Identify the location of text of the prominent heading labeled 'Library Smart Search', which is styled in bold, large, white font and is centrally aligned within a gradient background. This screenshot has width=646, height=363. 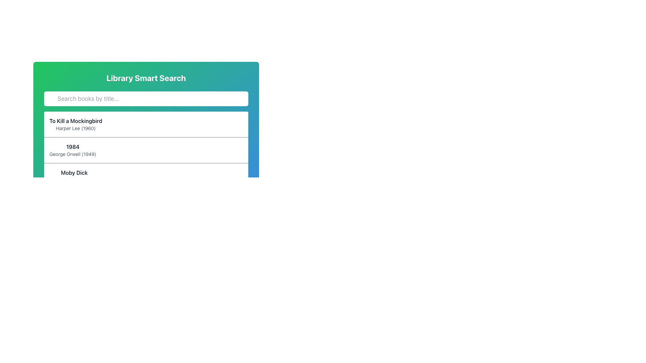
(146, 77).